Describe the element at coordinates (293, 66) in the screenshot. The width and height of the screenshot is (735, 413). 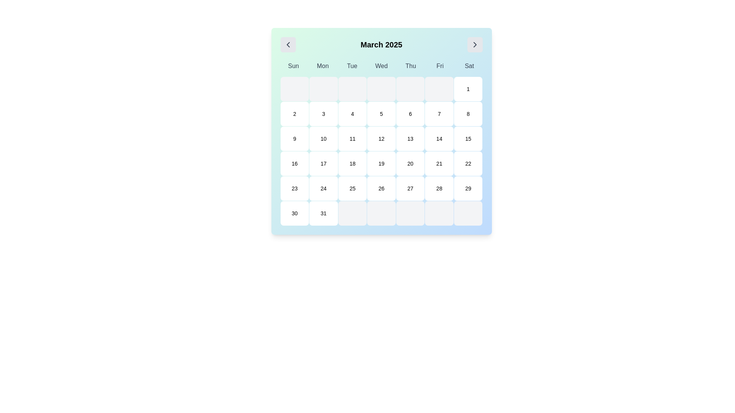
I see `the 'Sun' text label, which is the first element in a grid of week day abbreviations, located at the top-left corner` at that location.